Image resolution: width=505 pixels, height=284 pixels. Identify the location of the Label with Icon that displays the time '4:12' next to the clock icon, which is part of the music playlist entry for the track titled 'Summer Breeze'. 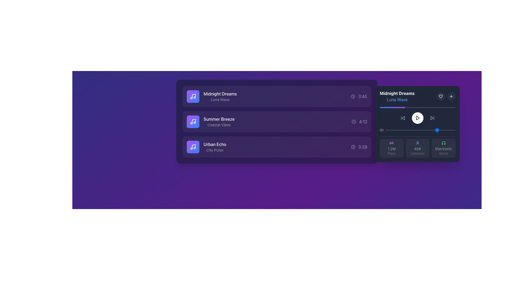
(359, 121).